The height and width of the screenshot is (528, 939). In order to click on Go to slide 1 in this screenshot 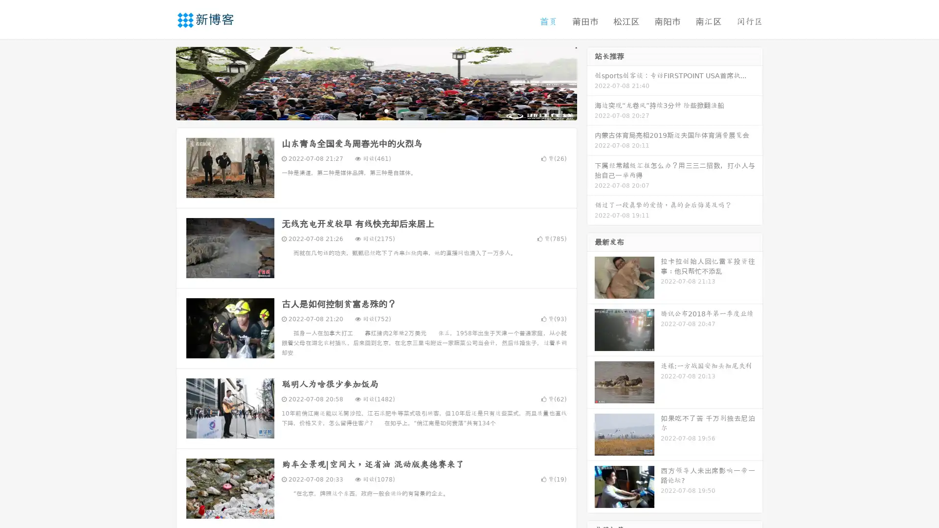, I will do `click(366, 110)`.